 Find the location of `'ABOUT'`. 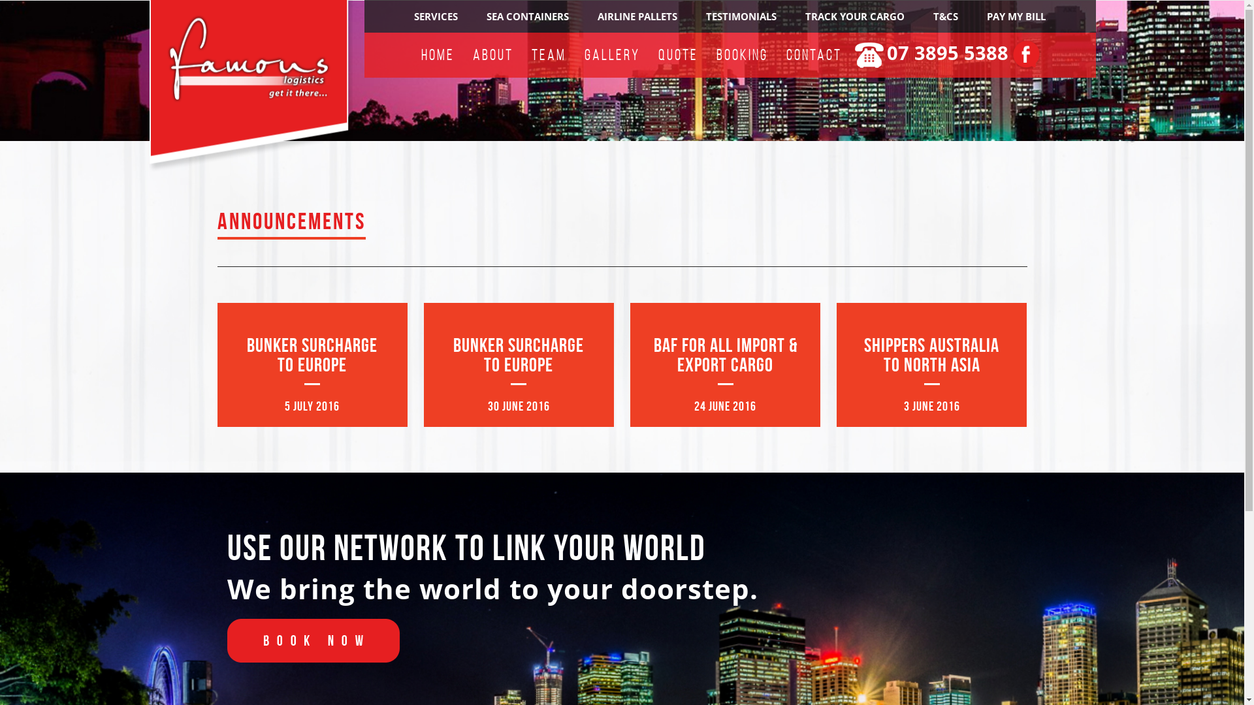

'ABOUT' is located at coordinates (494, 54).